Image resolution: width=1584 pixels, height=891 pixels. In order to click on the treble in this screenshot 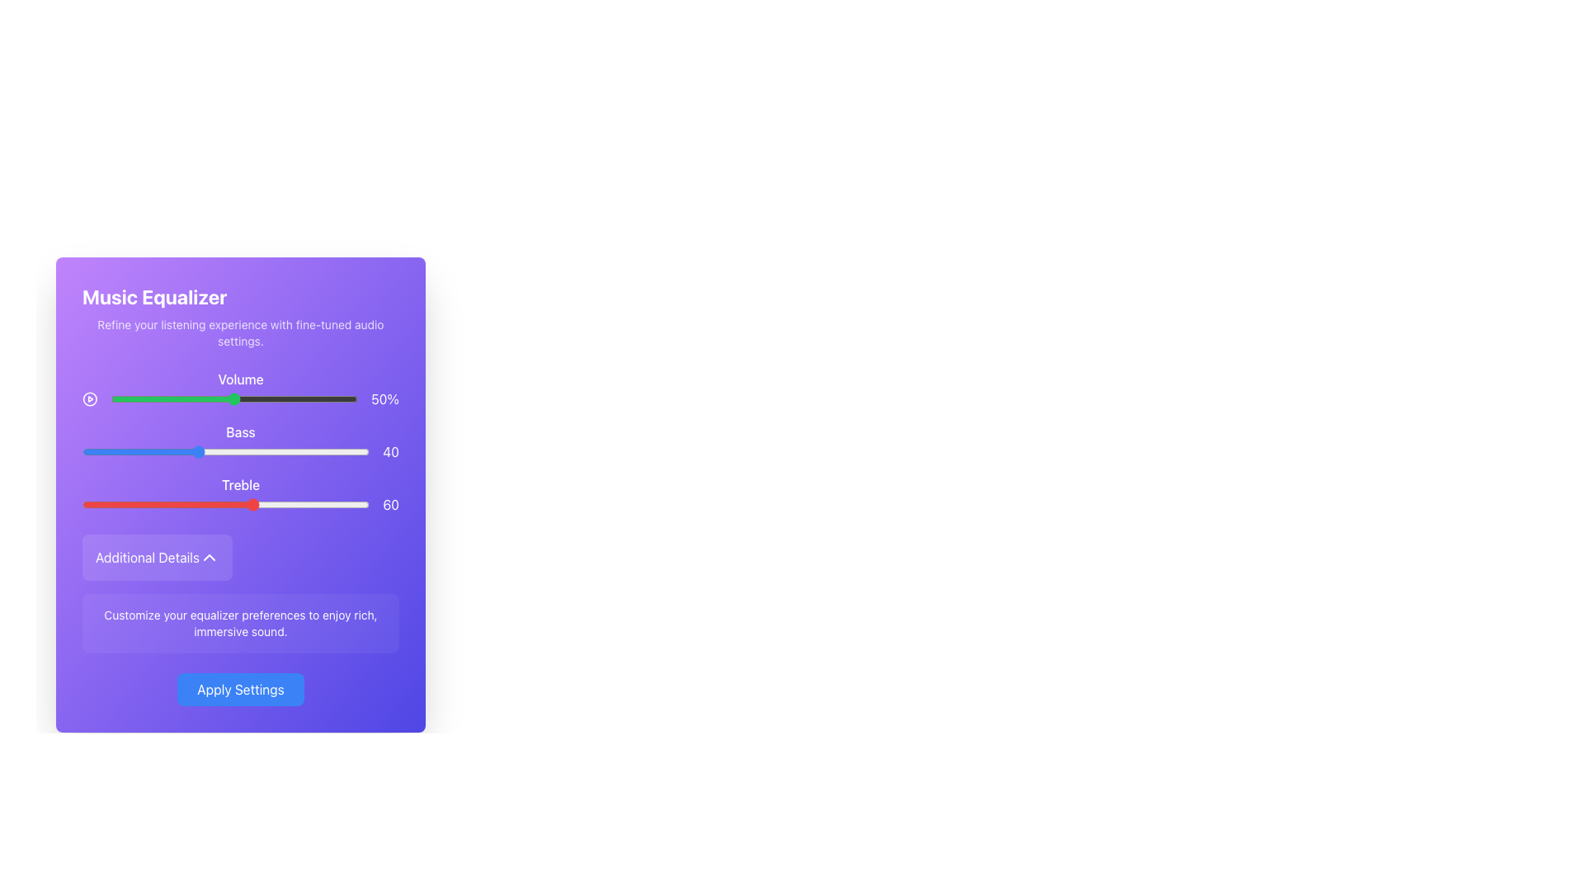, I will do `click(127, 504)`.